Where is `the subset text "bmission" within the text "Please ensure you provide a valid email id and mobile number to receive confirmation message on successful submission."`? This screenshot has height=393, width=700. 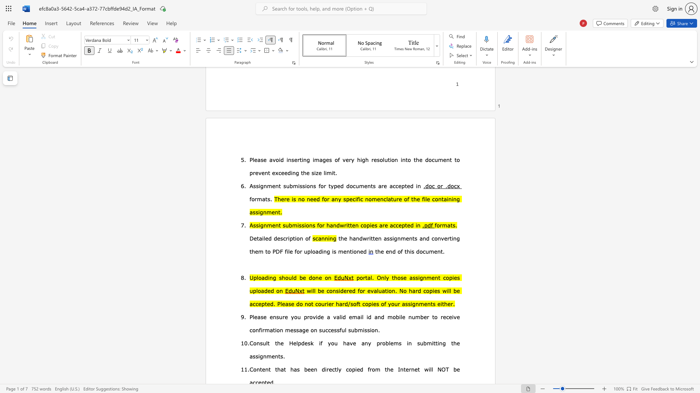 the subset text "bmission" within the text "Please ensure you provide a valid email id and mobile number to receive confirmation message on successful submission." is located at coordinates (354, 330).